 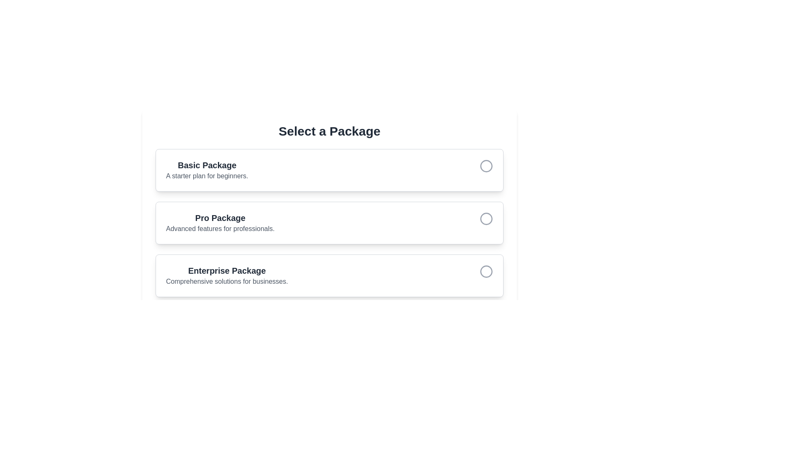 I want to click on the 'Enterprise Package' text display element, which consists of a bold heading and a smaller descriptive phrase, located in the list of package details, so click(x=227, y=276).